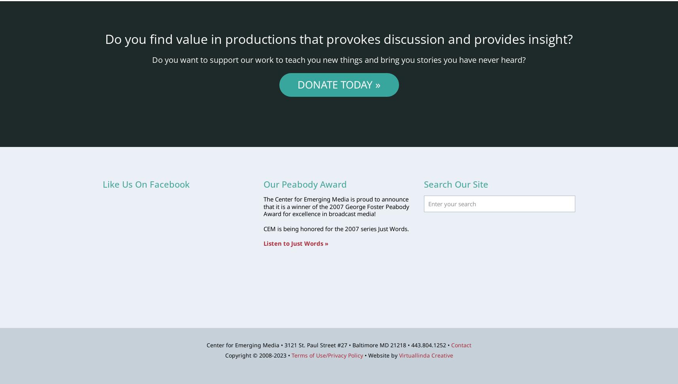  Describe the element at coordinates (339, 38) in the screenshot. I see `'Do you find value in productions that provokes discussion and provides insight?'` at that location.